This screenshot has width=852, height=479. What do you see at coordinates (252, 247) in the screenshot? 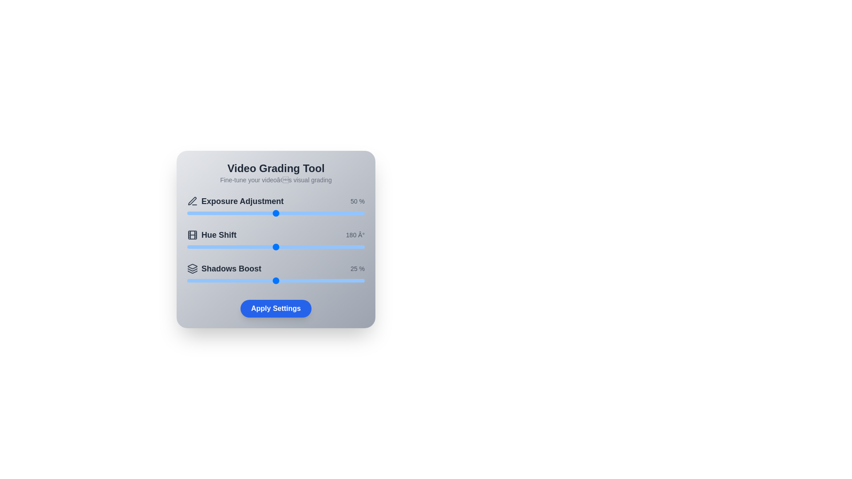
I see `the hue shift` at bounding box center [252, 247].